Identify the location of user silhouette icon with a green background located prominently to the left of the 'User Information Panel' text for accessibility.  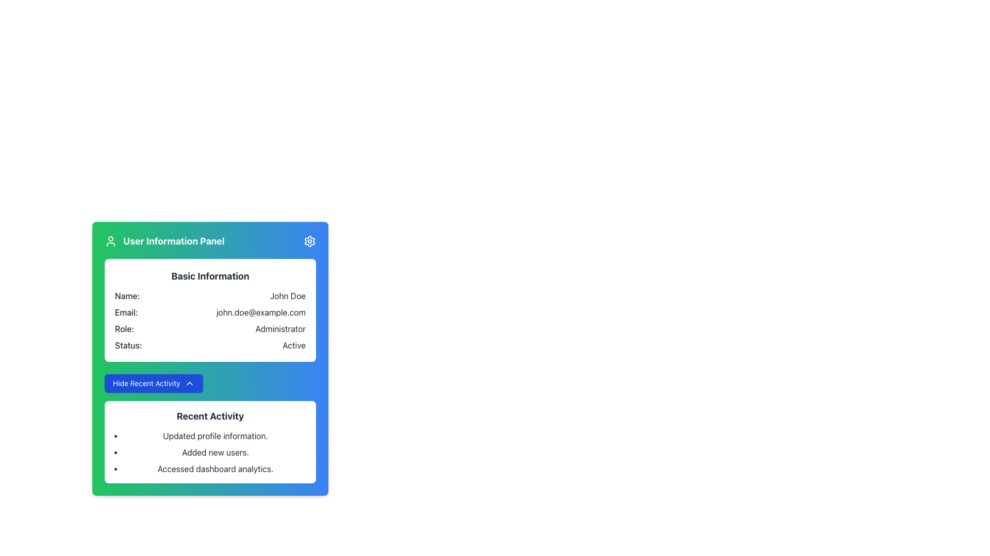
(111, 241).